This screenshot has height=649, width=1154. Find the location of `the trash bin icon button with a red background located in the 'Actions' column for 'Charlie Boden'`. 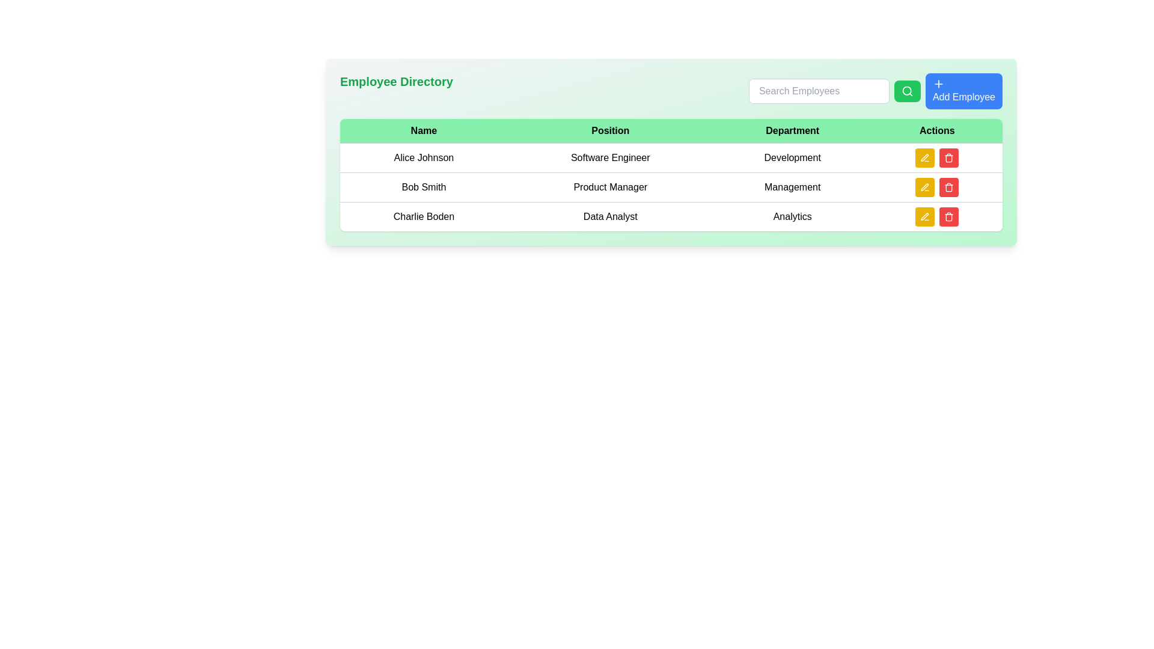

the trash bin icon button with a red background located in the 'Actions' column for 'Charlie Boden' is located at coordinates (948, 157).